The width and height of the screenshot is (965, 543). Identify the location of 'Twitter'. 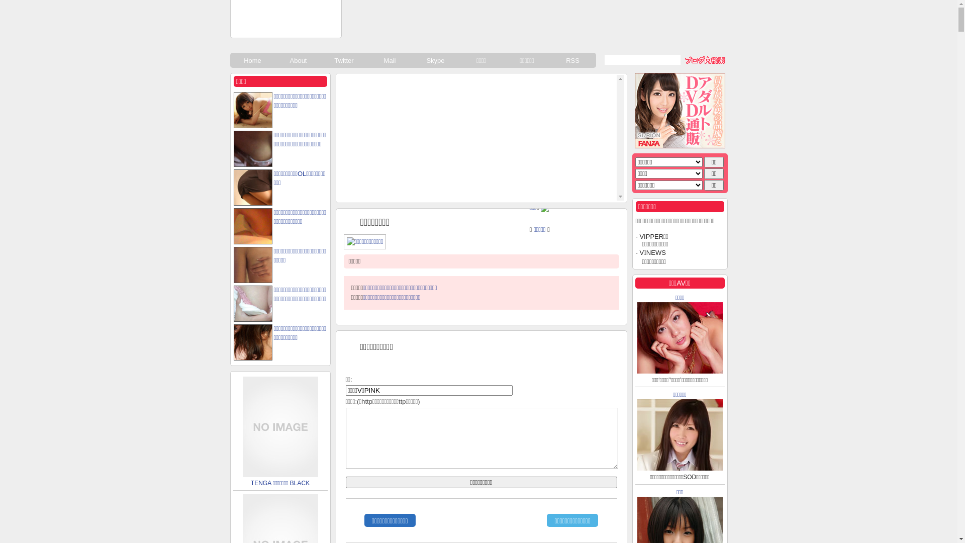
(344, 60).